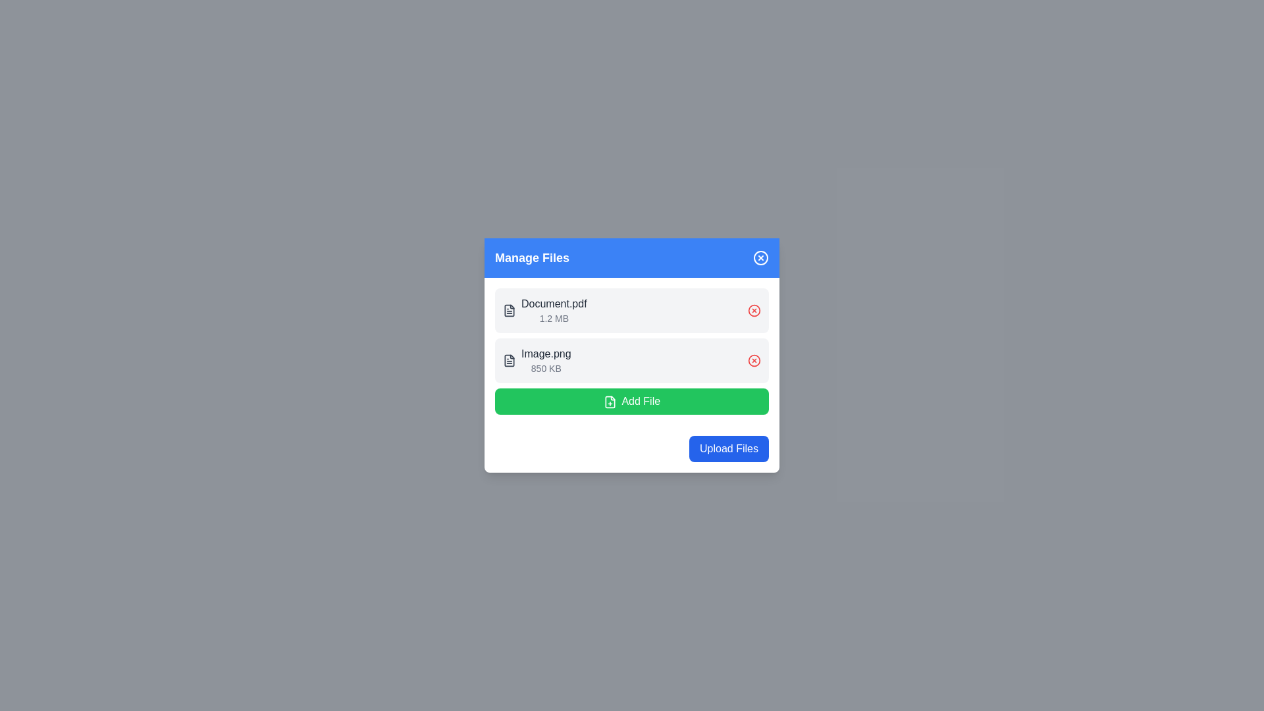 This screenshot has width=1264, height=711. Describe the element at coordinates (754, 360) in the screenshot. I see `the SVG Circle that is part of the delete button located in the top-right of the file management interface, associated with the second file entry row` at that location.